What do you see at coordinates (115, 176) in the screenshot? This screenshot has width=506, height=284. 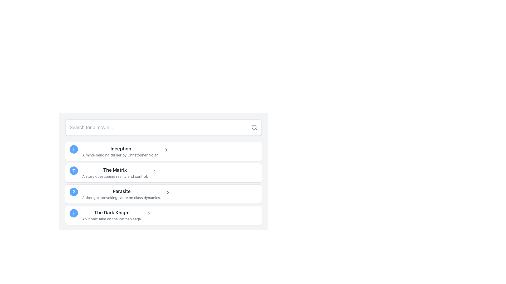 I see `descriptive text label located underneath the list item labeled 'The Matrix', which provides supplementary information in gray` at bounding box center [115, 176].